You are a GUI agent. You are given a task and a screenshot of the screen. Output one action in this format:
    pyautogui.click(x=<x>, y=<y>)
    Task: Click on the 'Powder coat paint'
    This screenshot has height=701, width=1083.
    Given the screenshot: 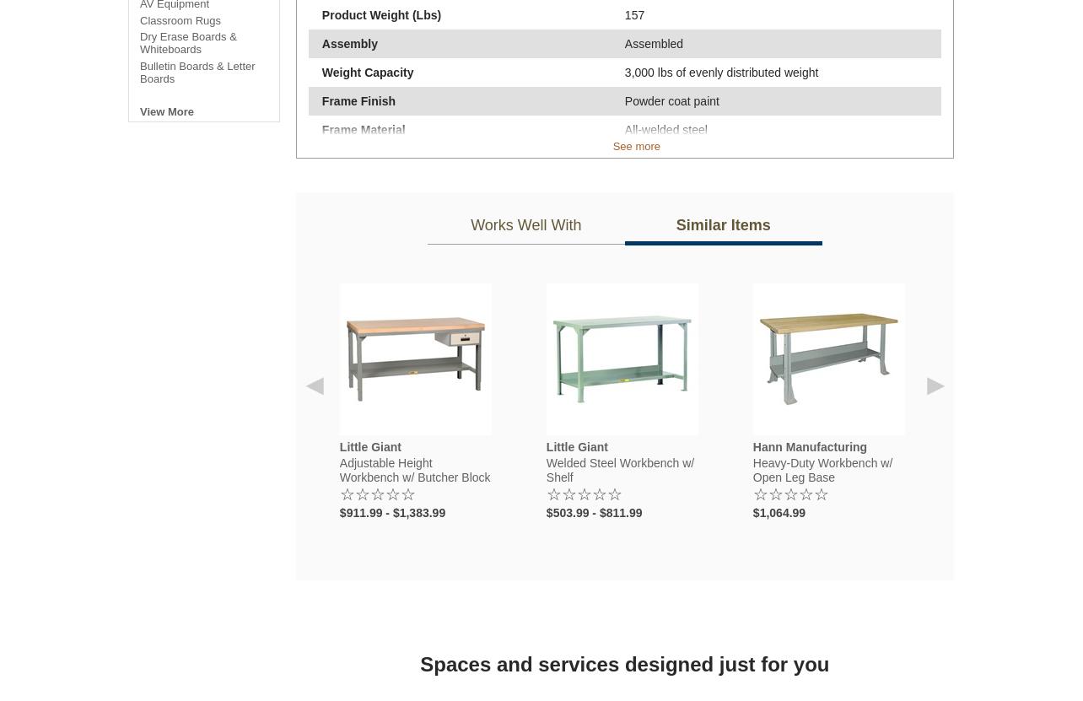 What is the action you would take?
    pyautogui.click(x=671, y=100)
    